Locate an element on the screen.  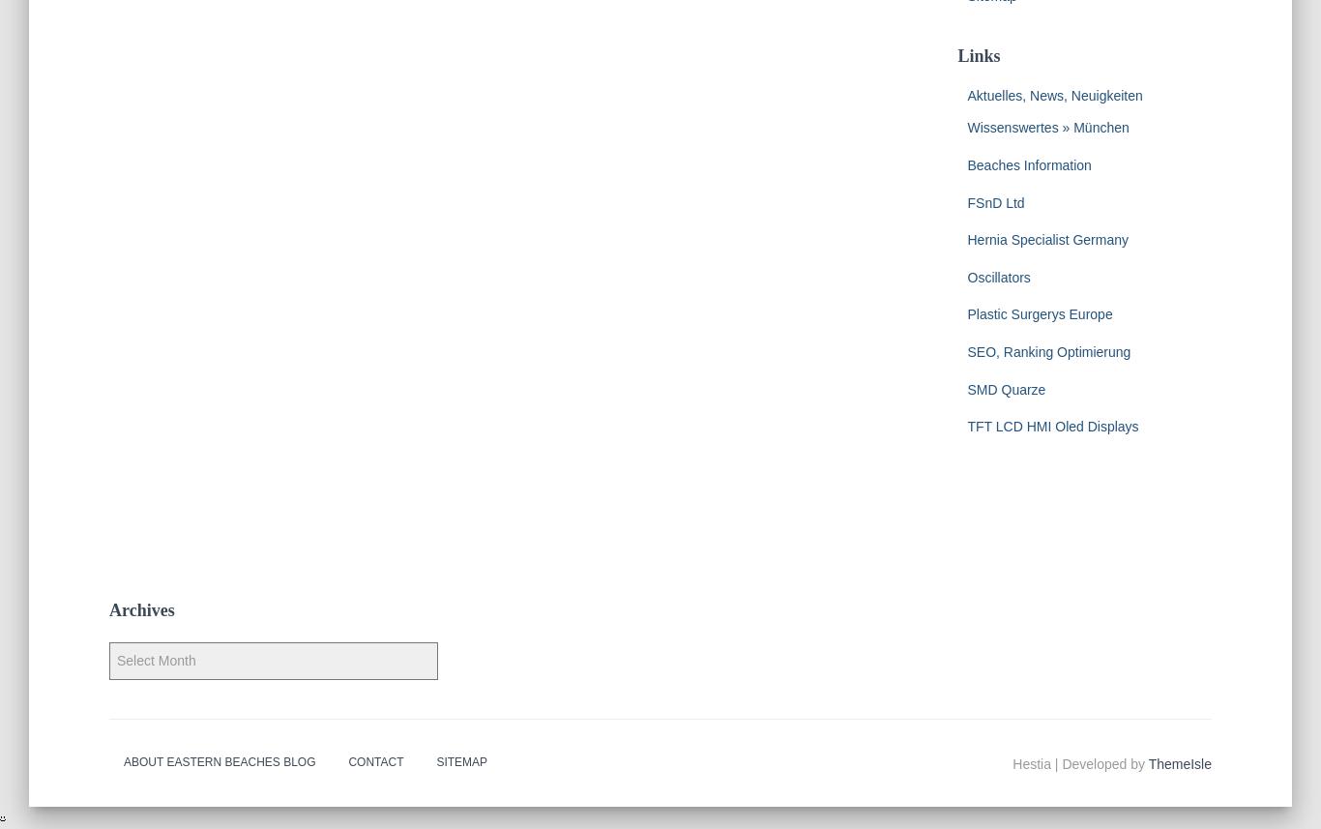
'FSnD Ltd' is located at coordinates (994, 201).